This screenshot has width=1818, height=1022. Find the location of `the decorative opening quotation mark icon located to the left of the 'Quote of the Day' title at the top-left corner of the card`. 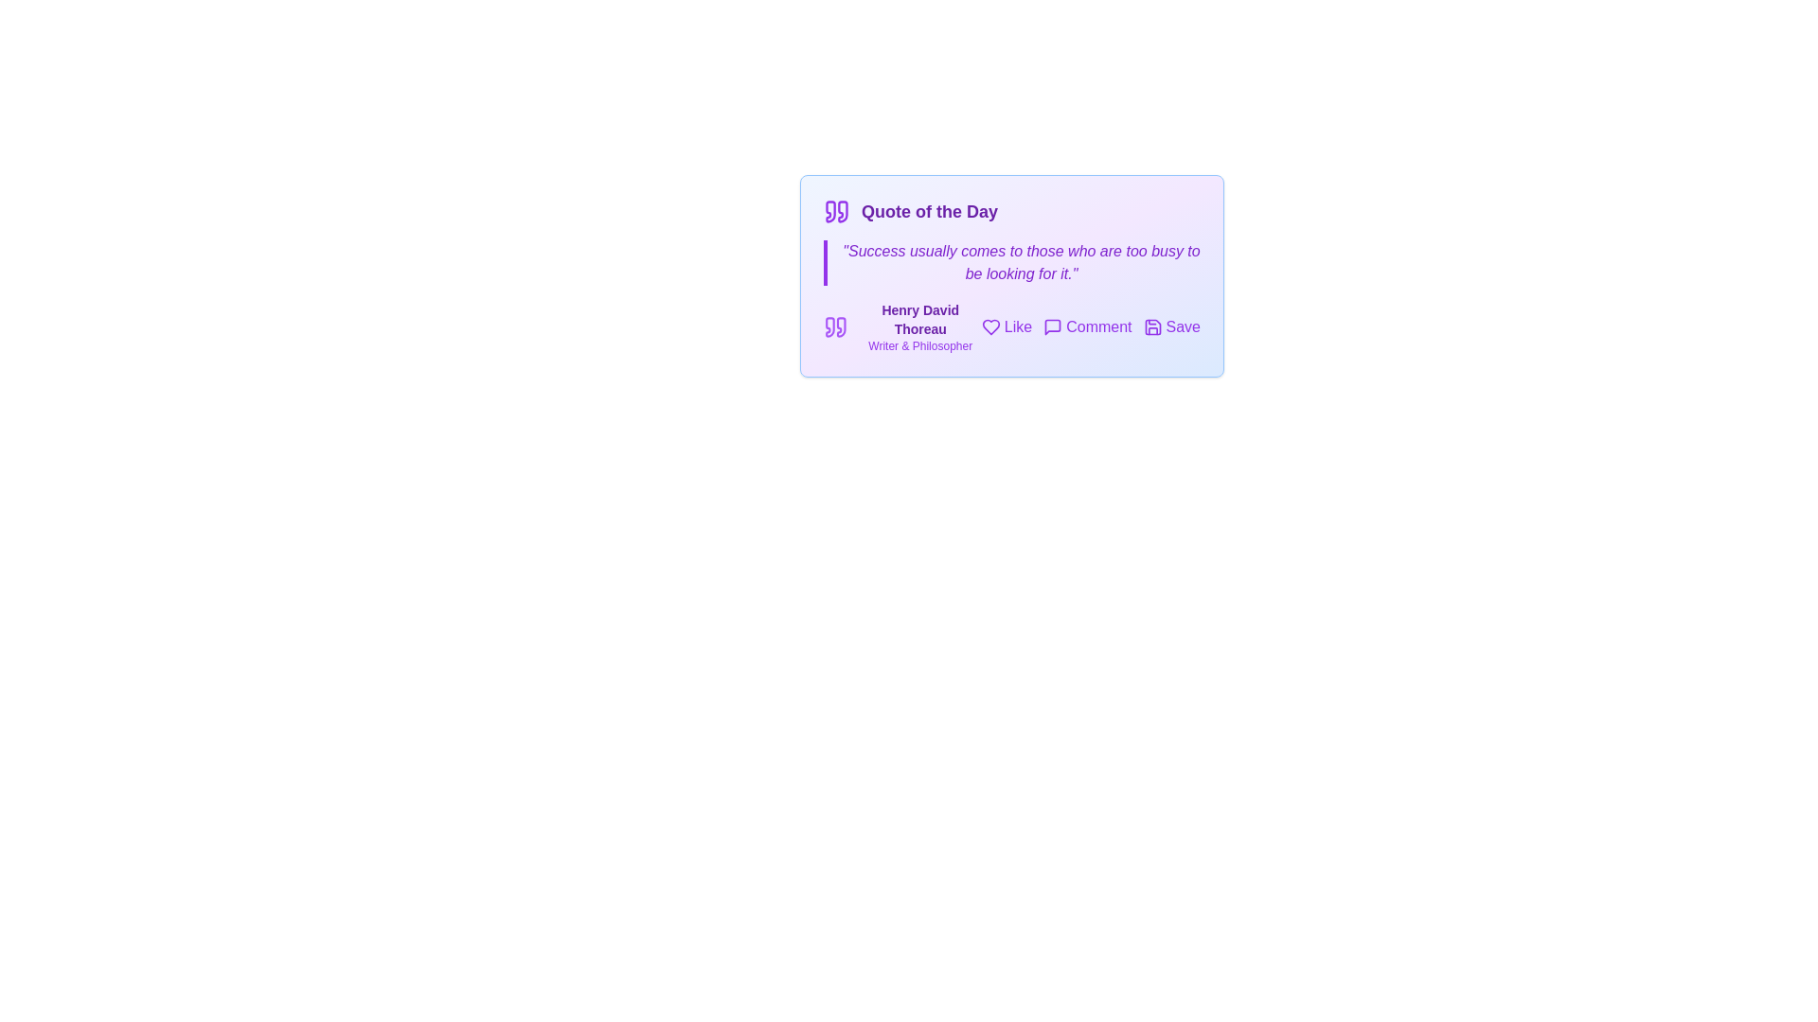

the decorative opening quotation mark icon located to the left of the 'Quote of the Day' title at the top-left corner of the card is located at coordinates (830, 211).